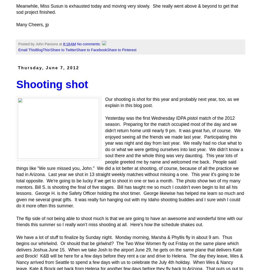 The width and height of the screenshot is (259, 270). Describe the element at coordinates (16, 221) in the screenshot. I see `'The flip side of not being able to shoot much is that we are going to have an awesome and wonderful time with our friends this summer so I really won't miss shooting at all.  Here's how the schedule shakes out.'` at that location.